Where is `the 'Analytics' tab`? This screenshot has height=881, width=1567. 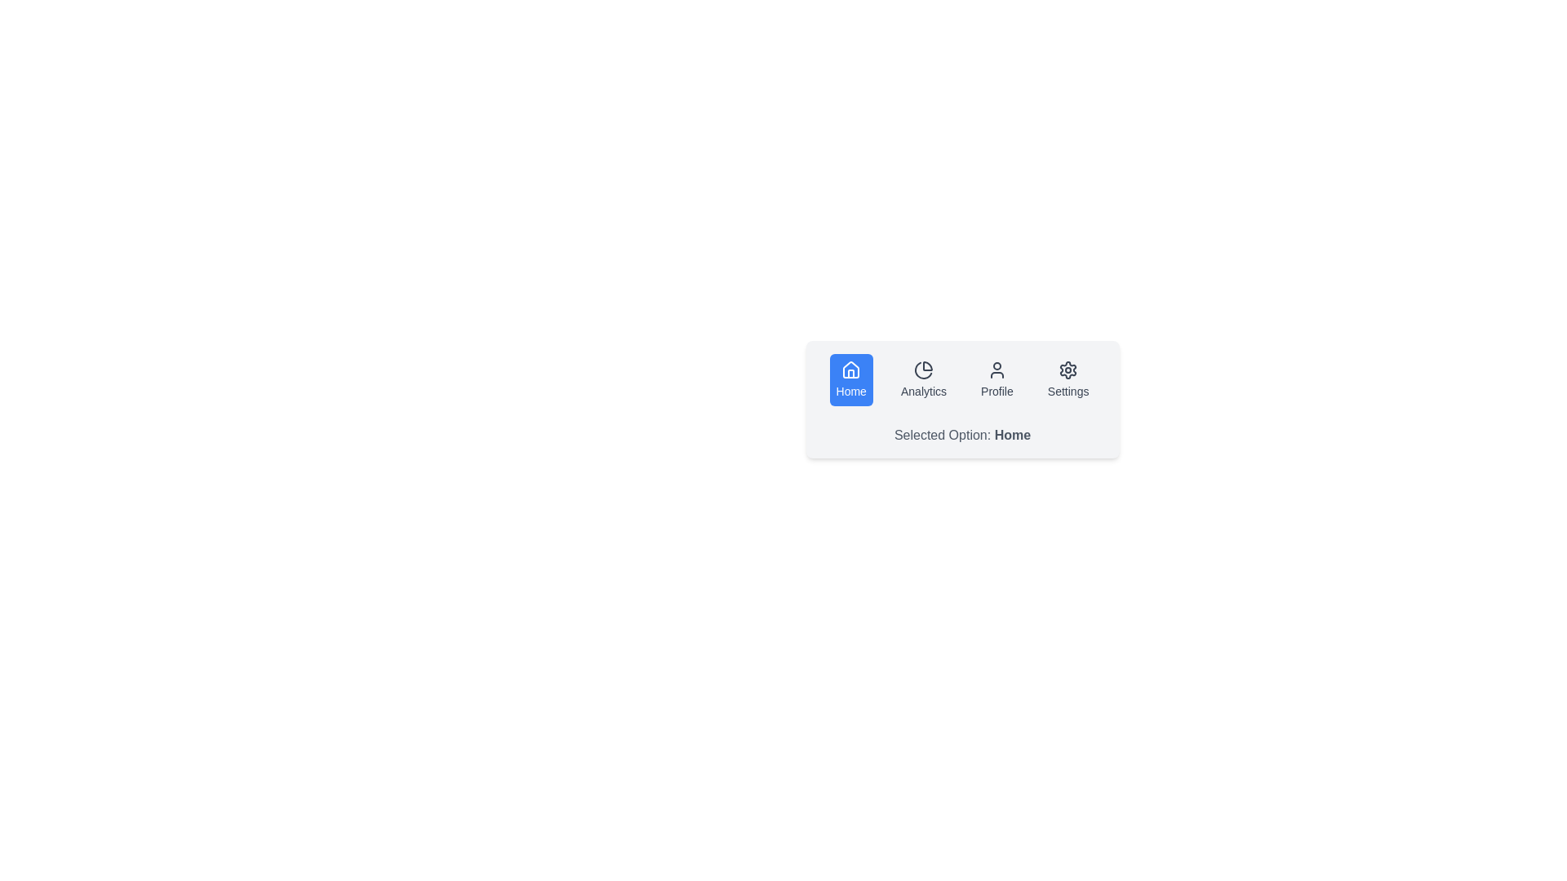
the 'Analytics' tab is located at coordinates (924, 380).